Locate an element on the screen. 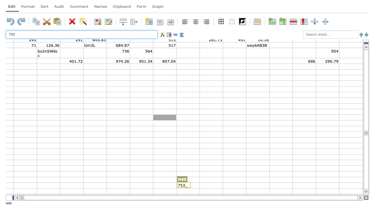 The image size is (372, 209). right edge of J57 is located at coordinates (222, 185).